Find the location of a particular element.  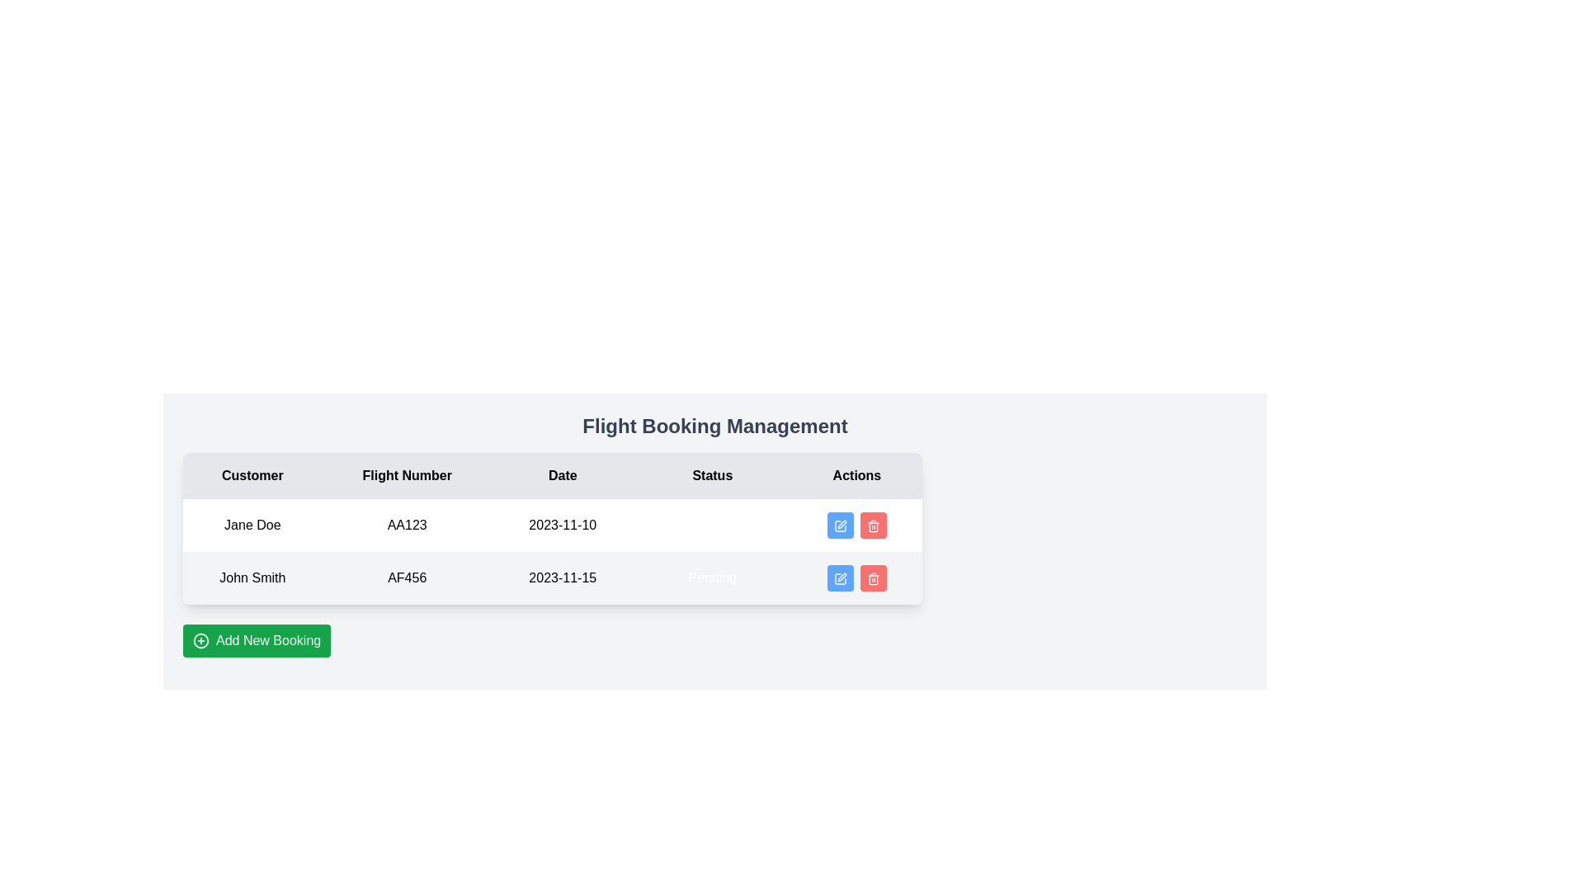

the edit button with a blue background and a white pen icon located in the 'Actions' column of the first row under 'Flight Booking Management' to initiate editing is located at coordinates (840, 525).